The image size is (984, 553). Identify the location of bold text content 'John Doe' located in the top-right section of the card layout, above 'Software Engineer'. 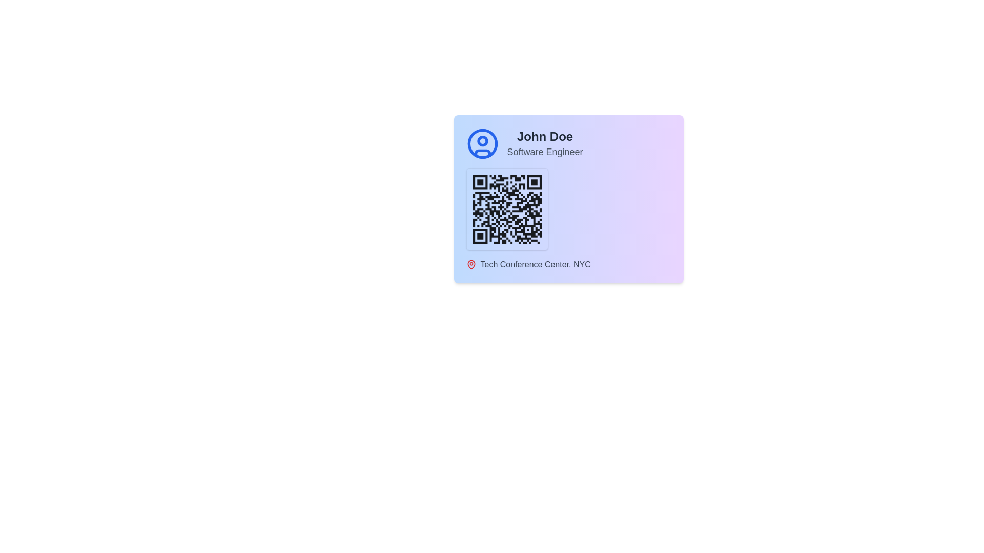
(544, 136).